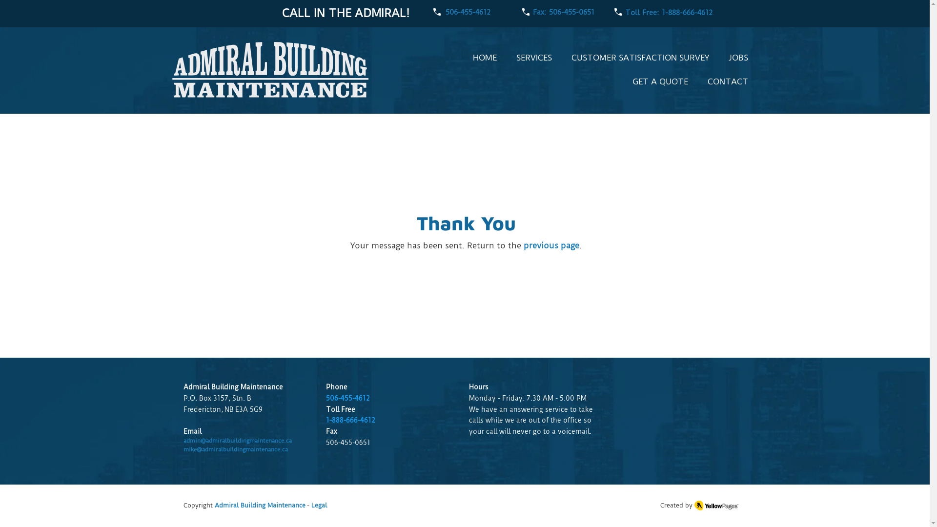  I want to click on 'previous page', so click(551, 244).